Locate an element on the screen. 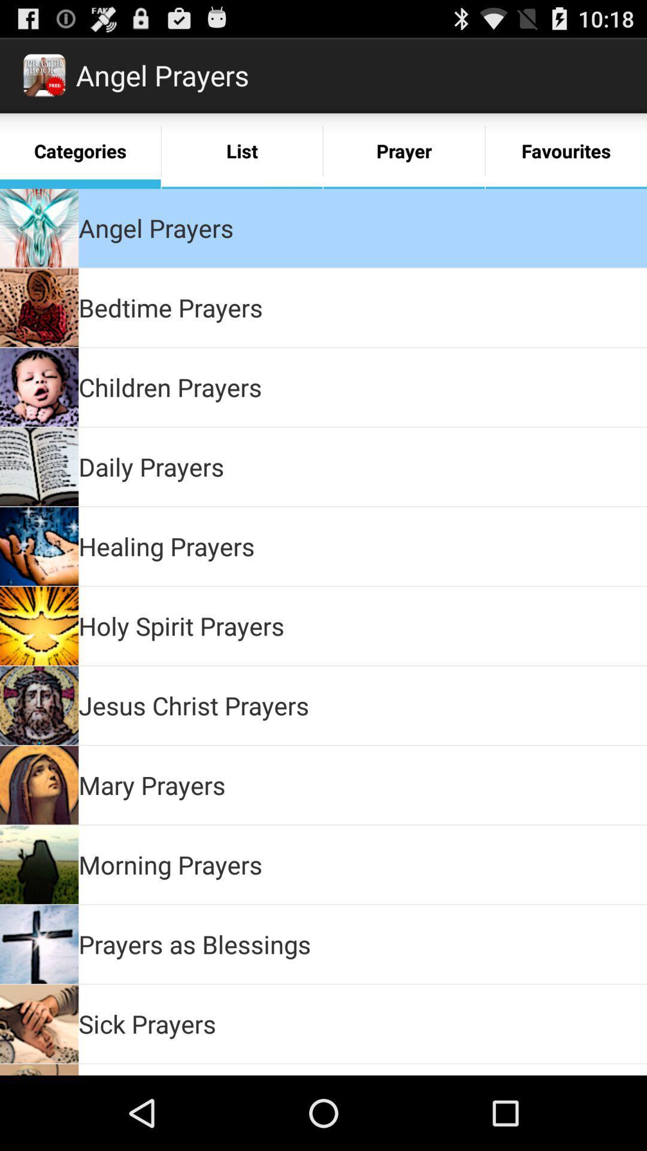 The width and height of the screenshot is (647, 1151). bedtime prayers item is located at coordinates (171, 308).